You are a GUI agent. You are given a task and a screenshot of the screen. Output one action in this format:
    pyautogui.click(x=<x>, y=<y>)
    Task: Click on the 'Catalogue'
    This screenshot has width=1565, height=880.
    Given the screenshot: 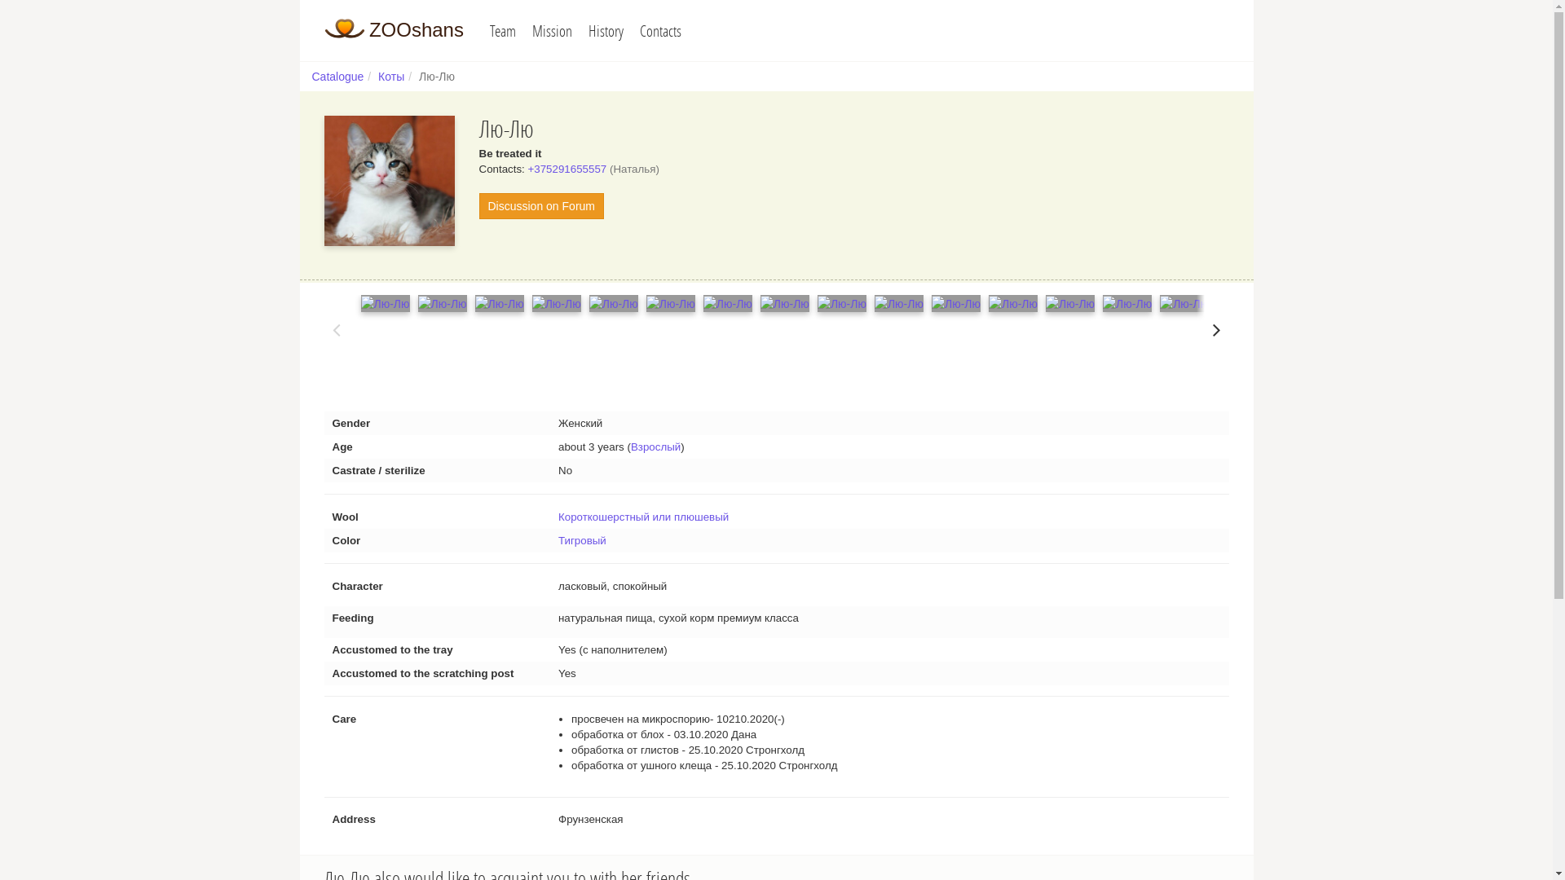 What is the action you would take?
    pyautogui.click(x=336, y=76)
    